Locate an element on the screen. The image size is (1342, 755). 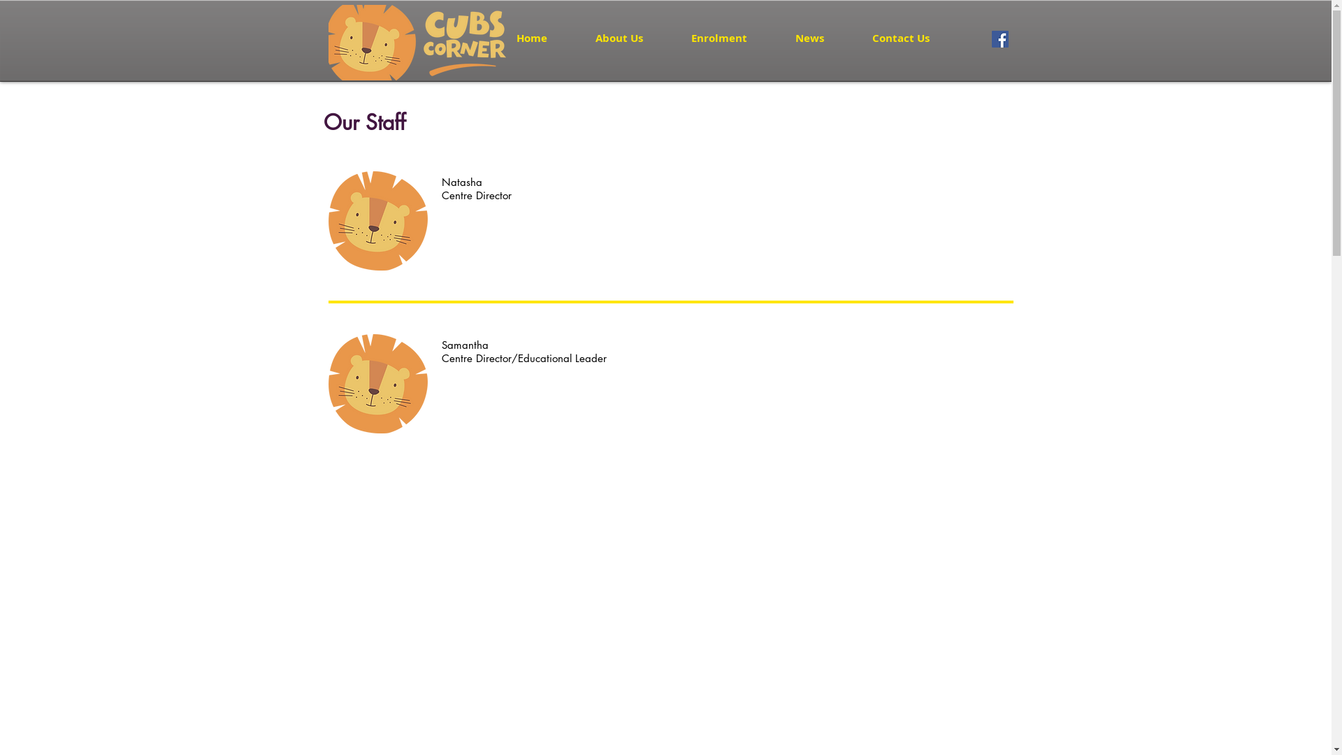
'Contact Us' is located at coordinates (914, 37).